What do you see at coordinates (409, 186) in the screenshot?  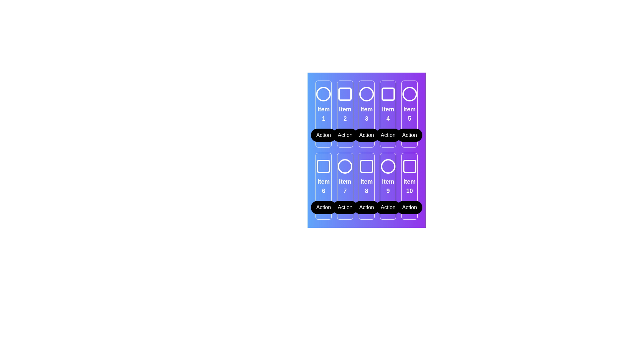 I see `displayed information from the card labeled 'Item 10' with a purple background and a button labeled 'Action' located in the bottom-right corner of the grid` at bounding box center [409, 186].